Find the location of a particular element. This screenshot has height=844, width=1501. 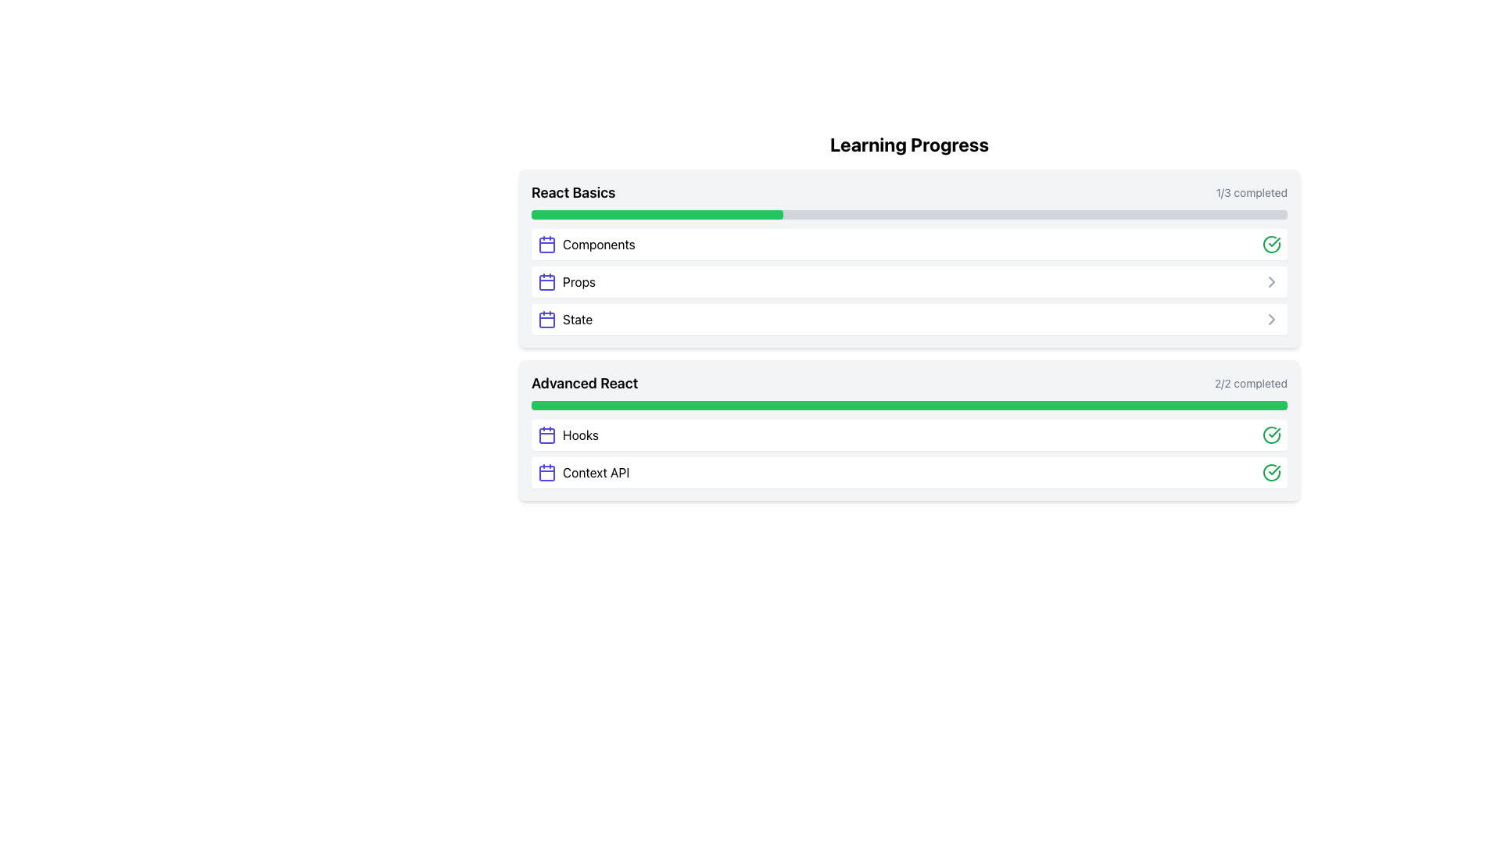

the green checkmark icon indicating the completion status of the Context API task within the Advanced React section is located at coordinates (1274, 433).